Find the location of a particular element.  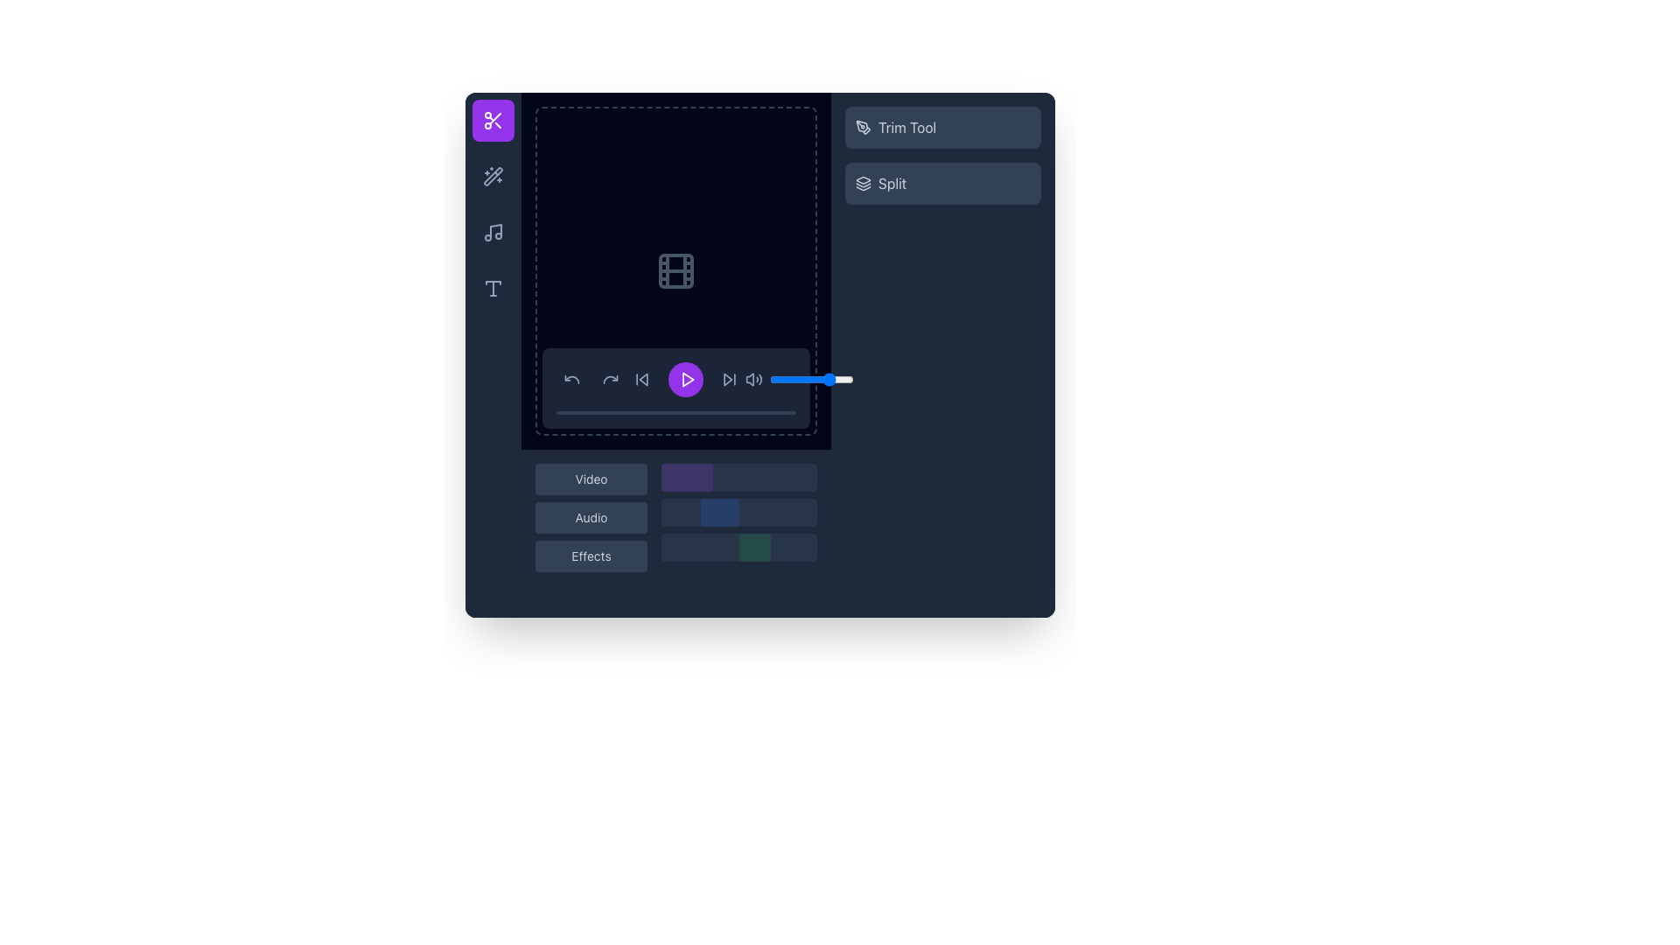

the progress bar indicator which is the first item in a vertical stack of components, located below the toolbar and centrally aligned is located at coordinates (738, 478).